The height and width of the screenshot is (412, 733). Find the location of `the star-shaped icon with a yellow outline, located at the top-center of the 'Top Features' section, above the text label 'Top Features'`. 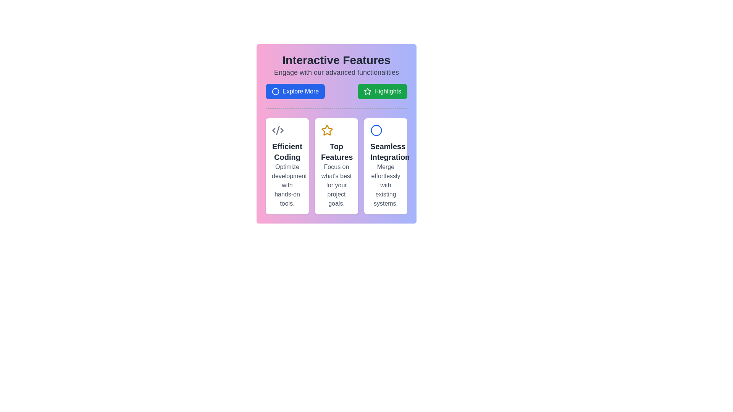

the star-shaped icon with a yellow outline, located at the top-center of the 'Top Features' section, above the text label 'Top Features' is located at coordinates (327, 130).